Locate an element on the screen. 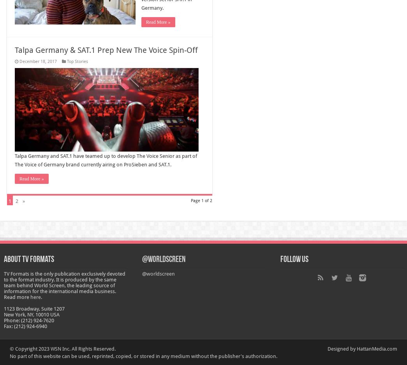 The width and height of the screenshot is (407, 365). 'December 18, 2017' is located at coordinates (38, 61).